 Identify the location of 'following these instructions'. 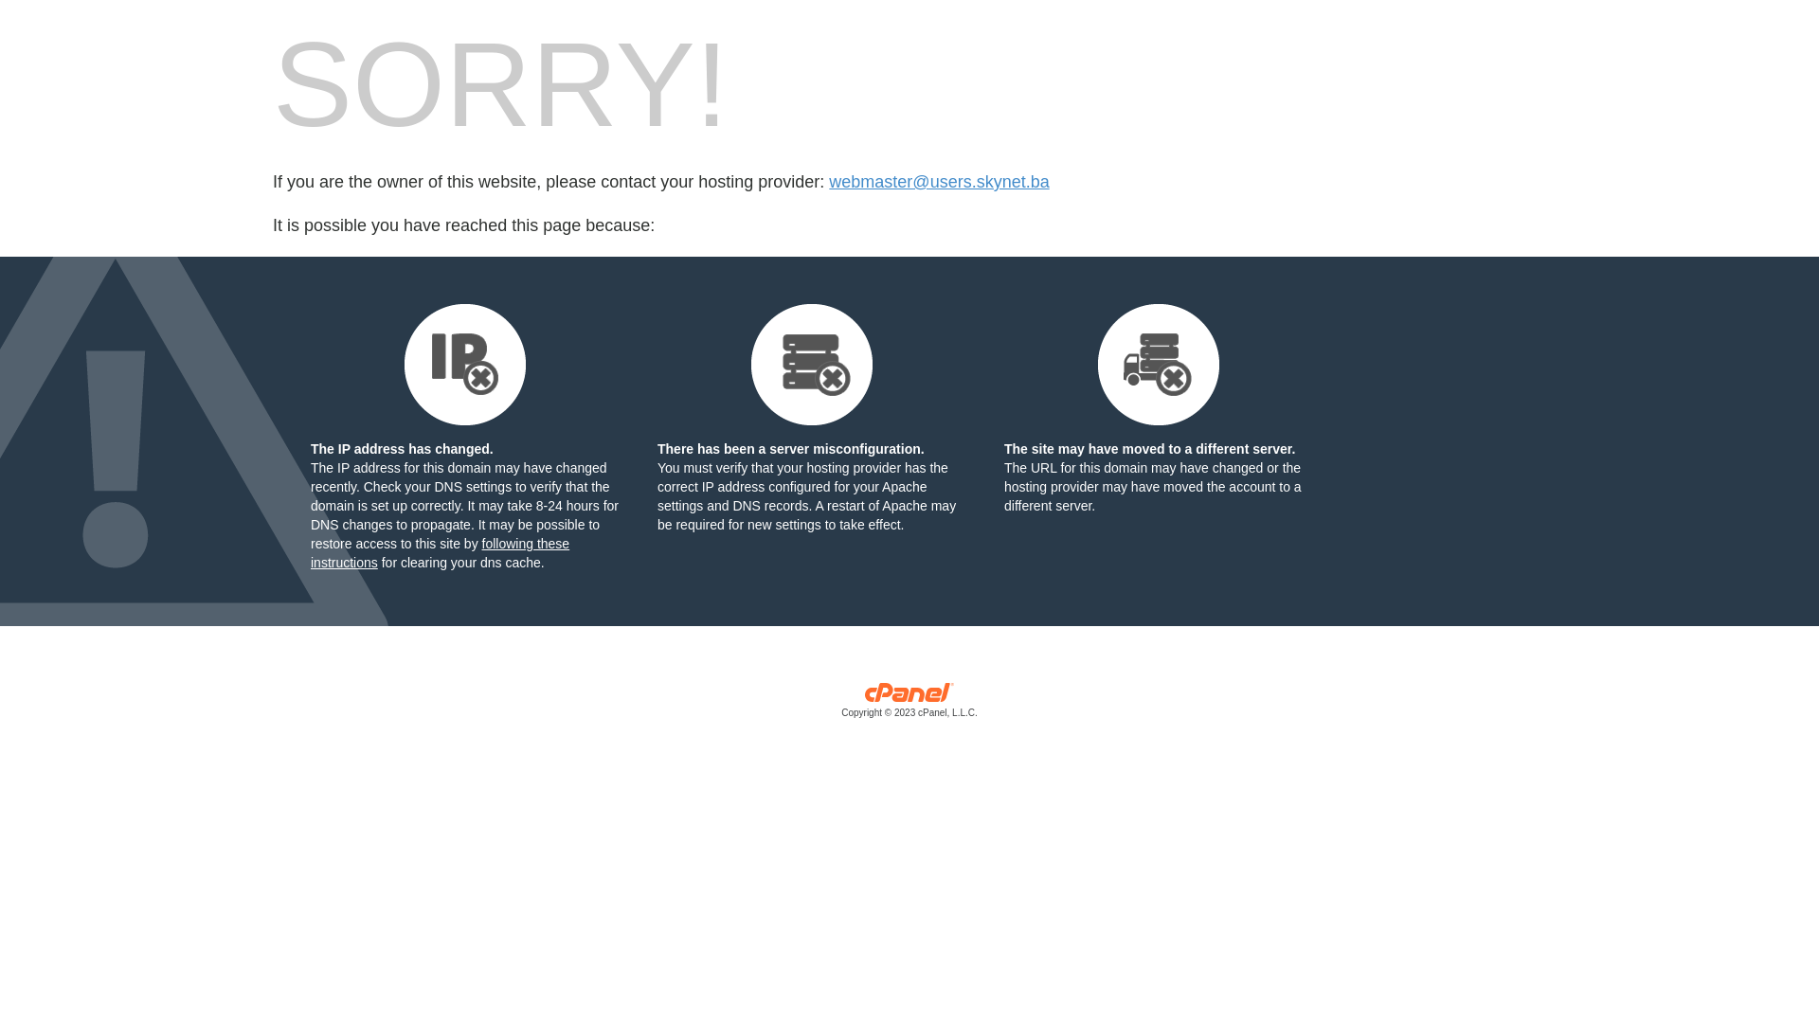
(439, 552).